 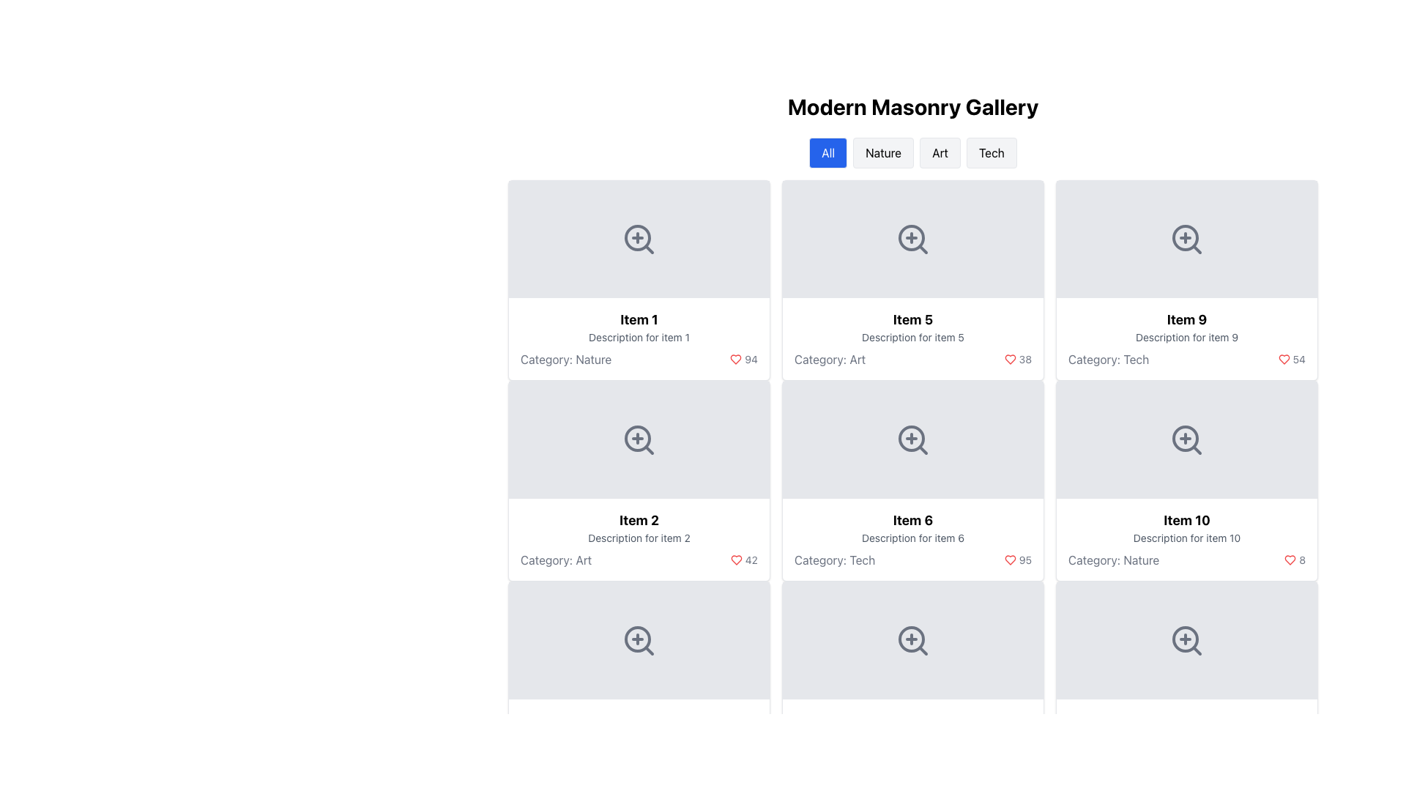 What do you see at coordinates (912, 560) in the screenshot?
I see `number '95' displayed in light gray color under the 'Item 6' card, which includes the text 'Category: Tech' and a red heart icon` at bounding box center [912, 560].